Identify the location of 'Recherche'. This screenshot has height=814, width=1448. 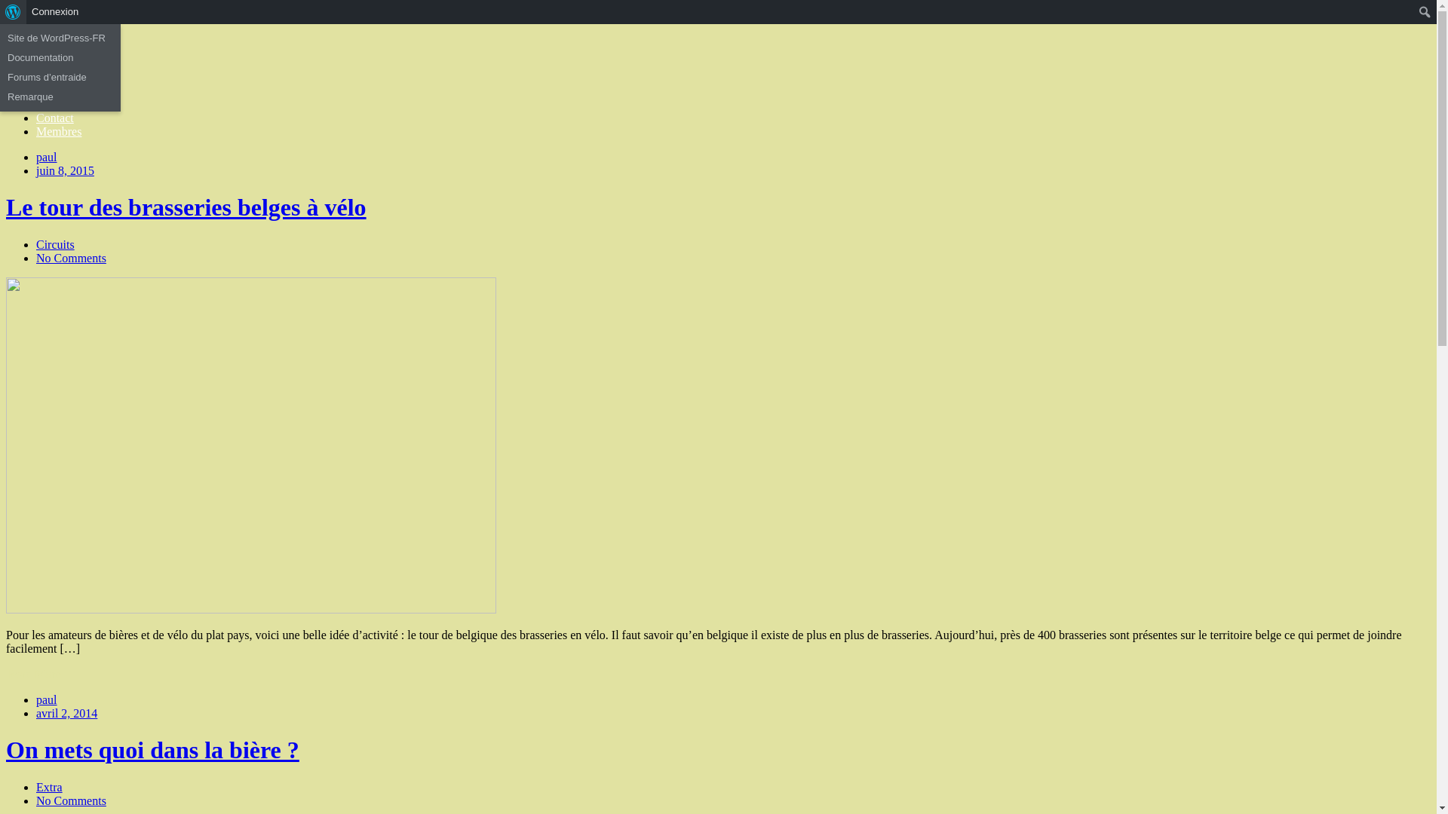
(25, 14).